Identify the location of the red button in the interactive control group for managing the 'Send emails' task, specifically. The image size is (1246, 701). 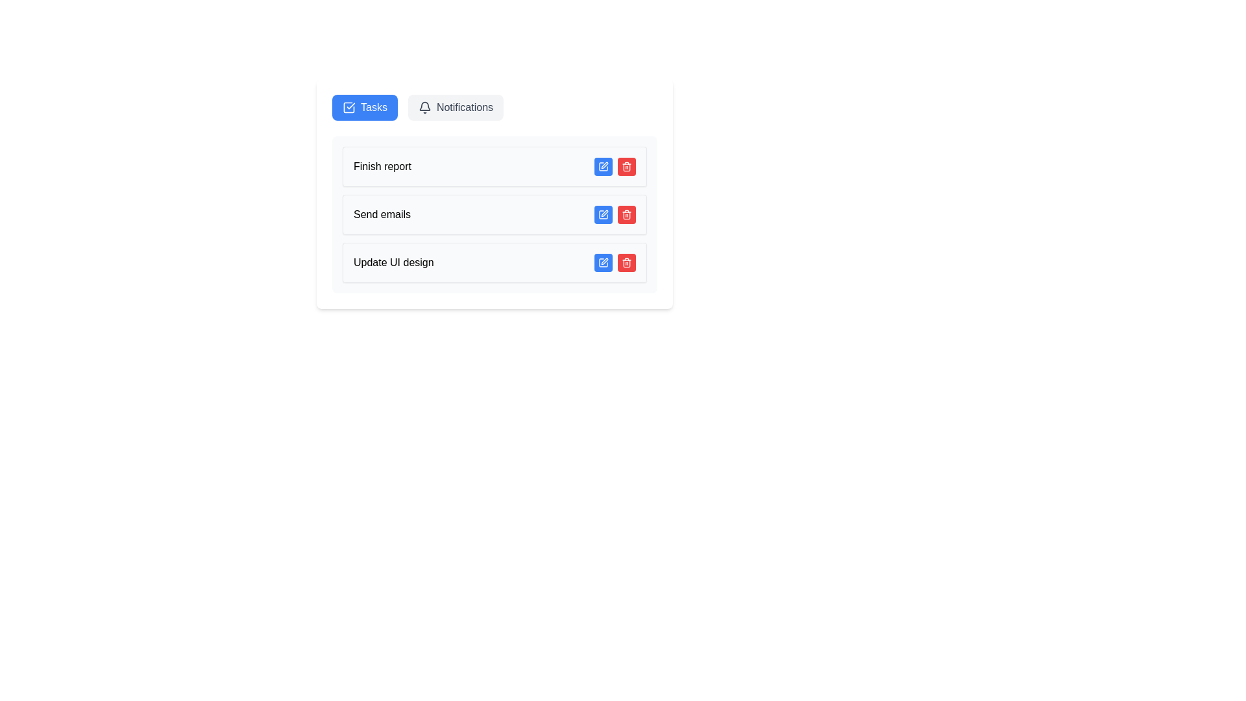
(615, 214).